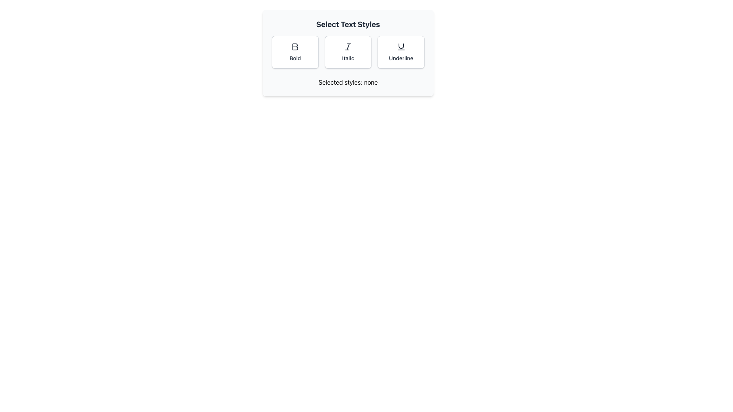 The image size is (733, 412). What do you see at coordinates (348, 52) in the screenshot?
I see `the toggle button for italic styling, which is positioned between the 'Bold' button and the 'Underline' button, to observe the animation` at bounding box center [348, 52].